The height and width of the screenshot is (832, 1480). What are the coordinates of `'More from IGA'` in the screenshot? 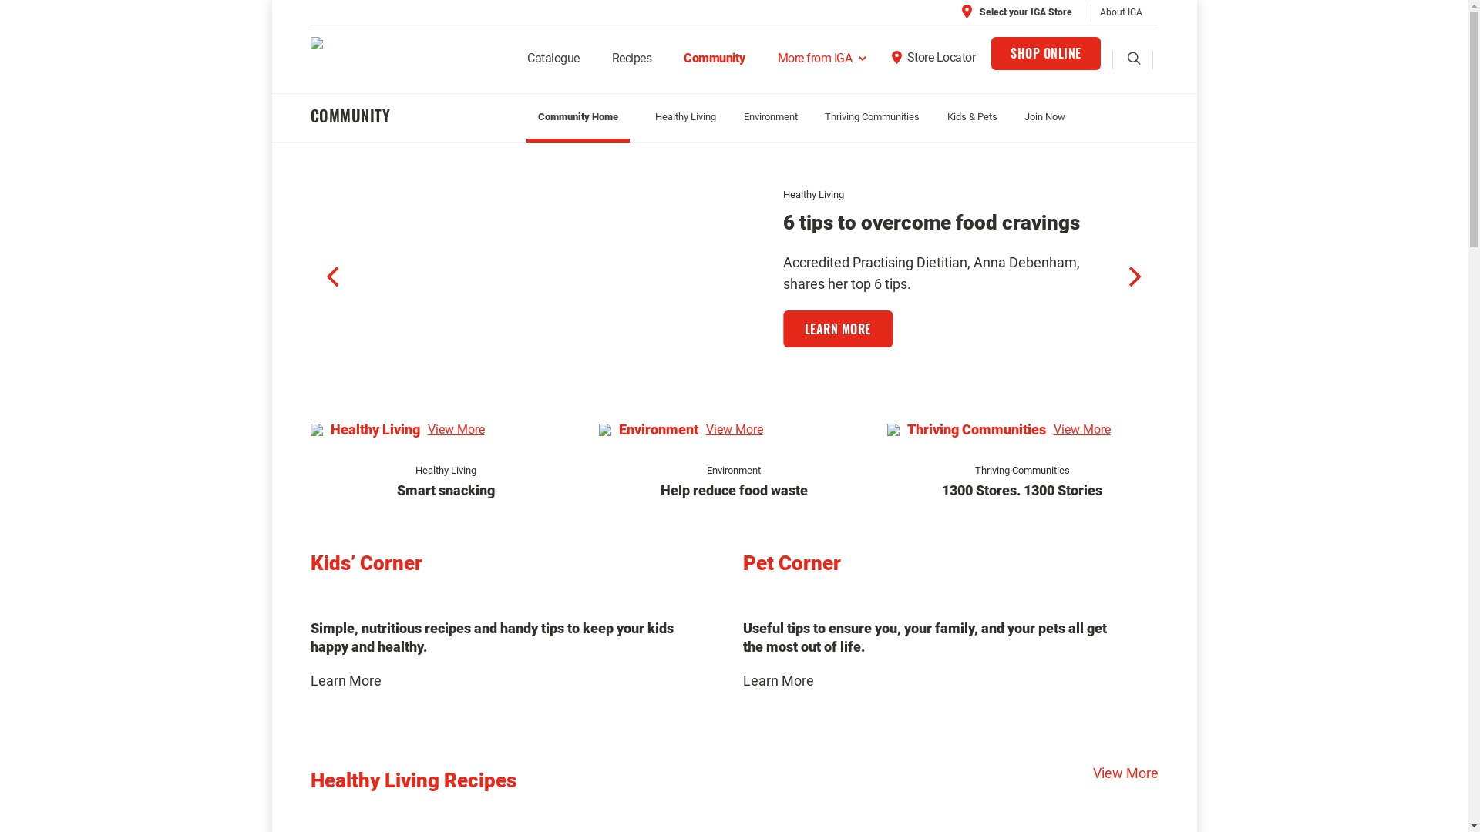 It's located at (762, 63).